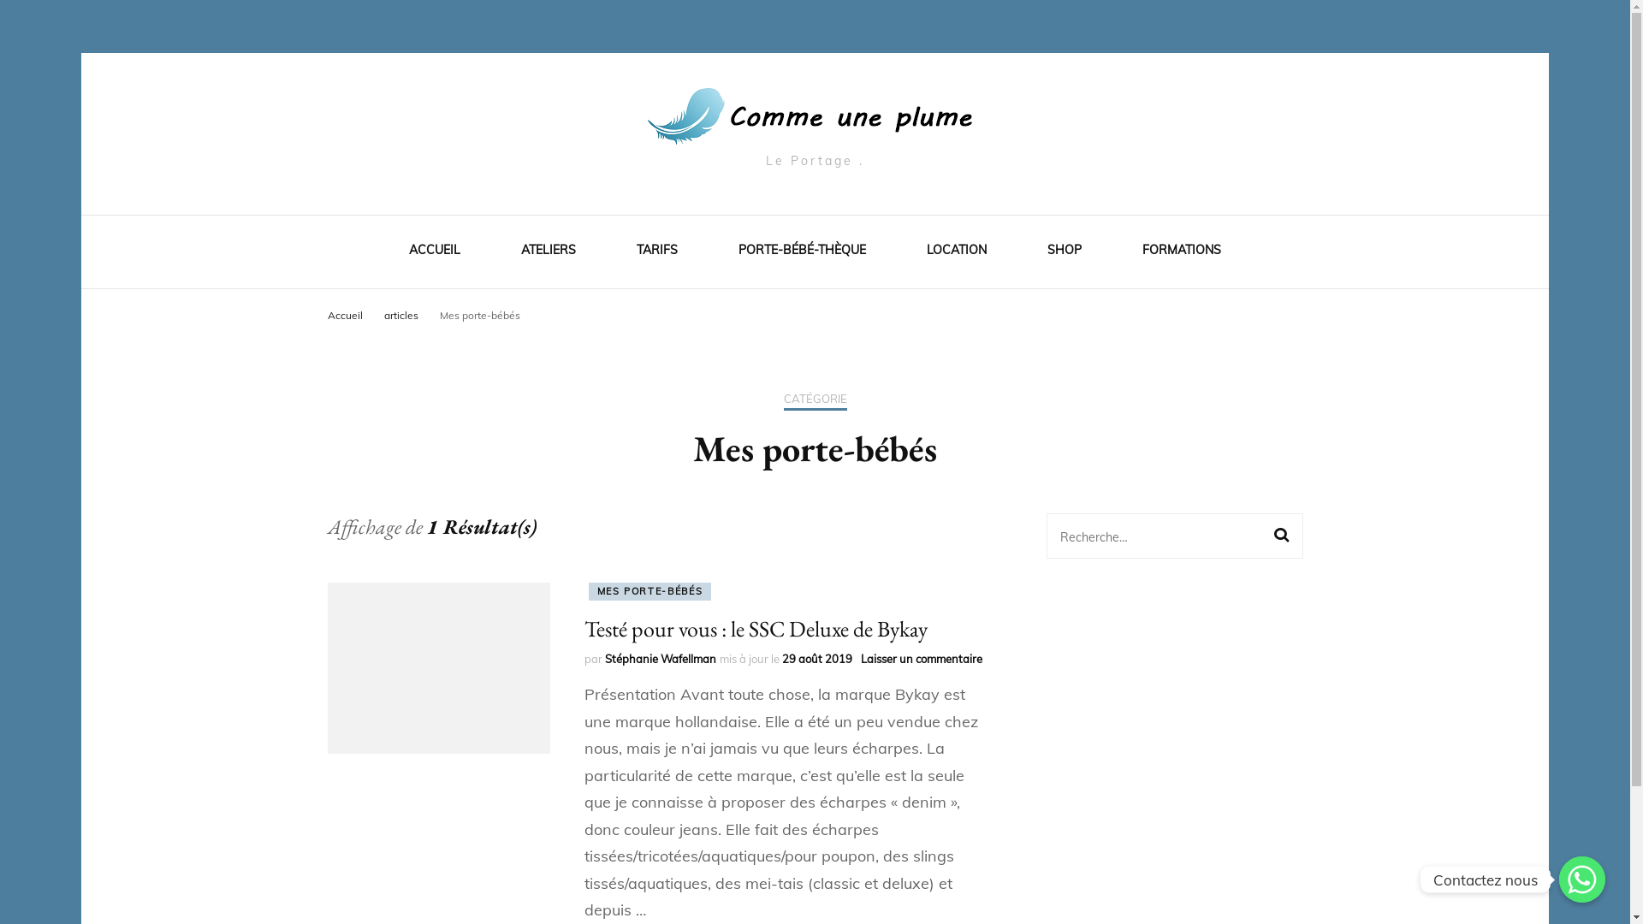 The width and height of the screenshot is (1643, 924). What do you see at coordinates (400, 314) in the screenshot?
I see `'articles'` at bounding box center [400, 314].